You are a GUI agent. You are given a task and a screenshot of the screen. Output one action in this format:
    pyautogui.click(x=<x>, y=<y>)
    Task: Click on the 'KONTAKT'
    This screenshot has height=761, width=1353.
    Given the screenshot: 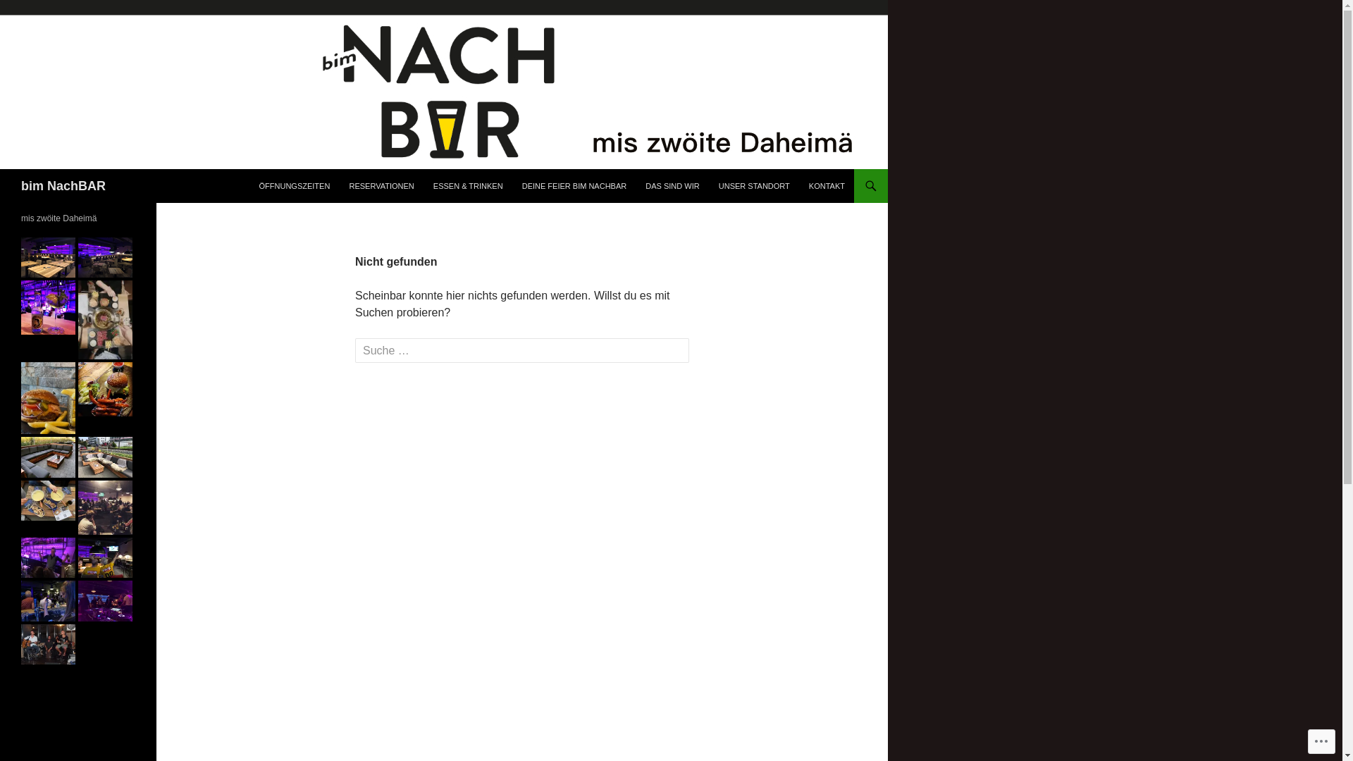 What is the action you would take?
    pyautogui.click(x=827, y=185)
    